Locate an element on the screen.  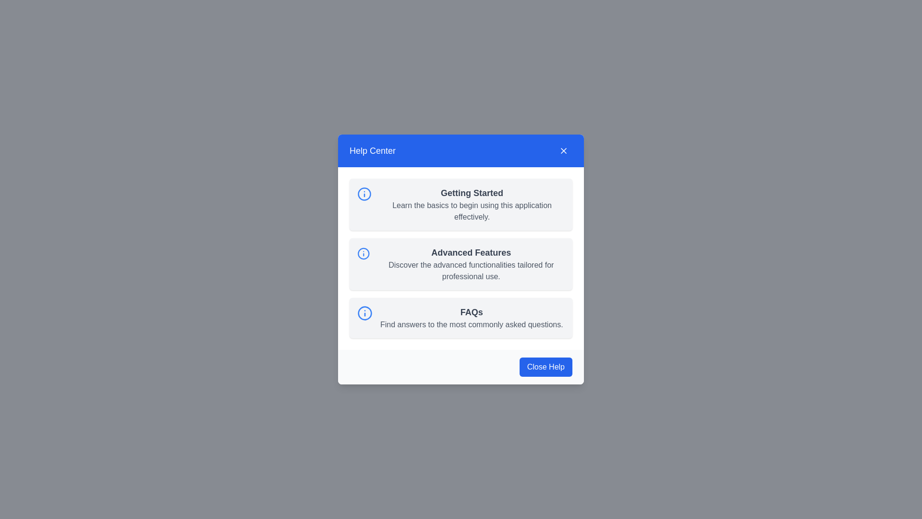
the informational panel icon located in the middle of the Help Center modal for additional information is located at coordinates (461, 258).